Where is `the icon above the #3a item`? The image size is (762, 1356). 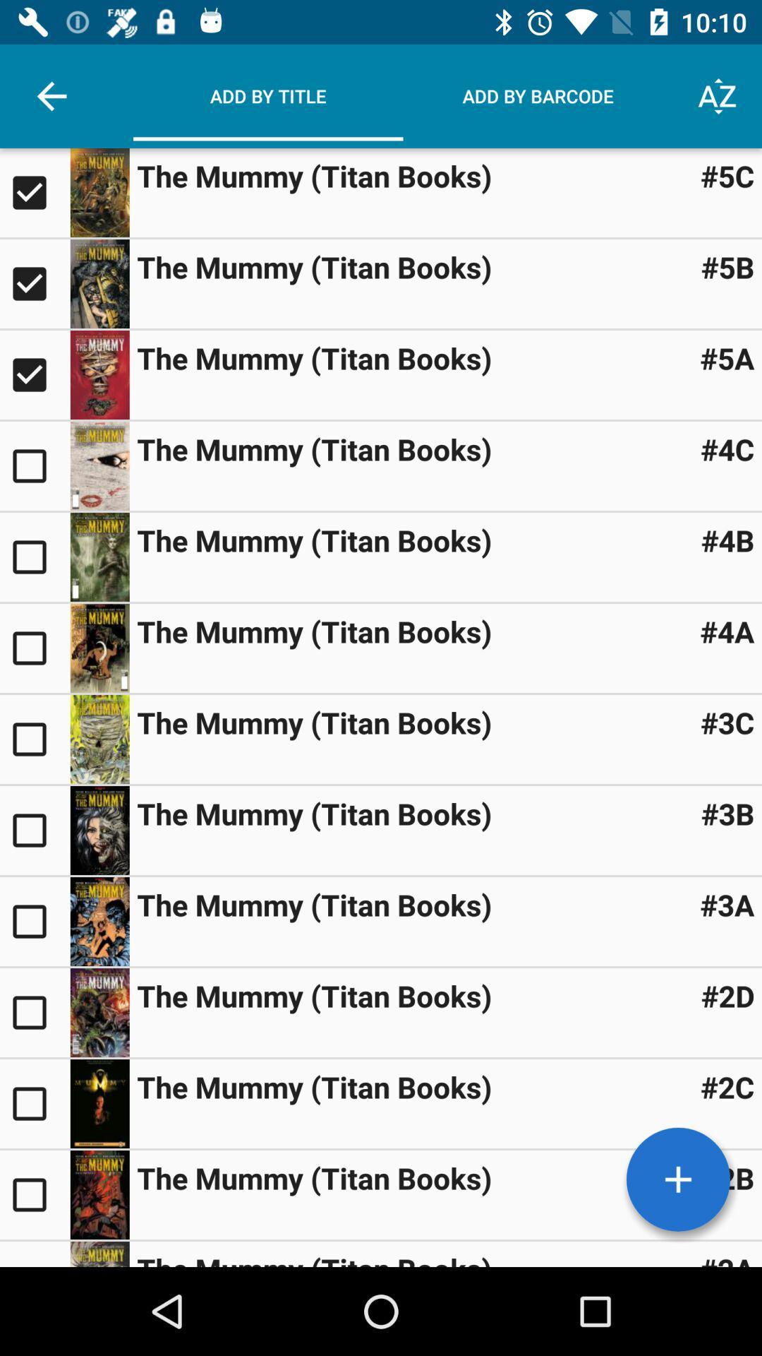 the icon above the #3a item is located at coordinates (727, 814).